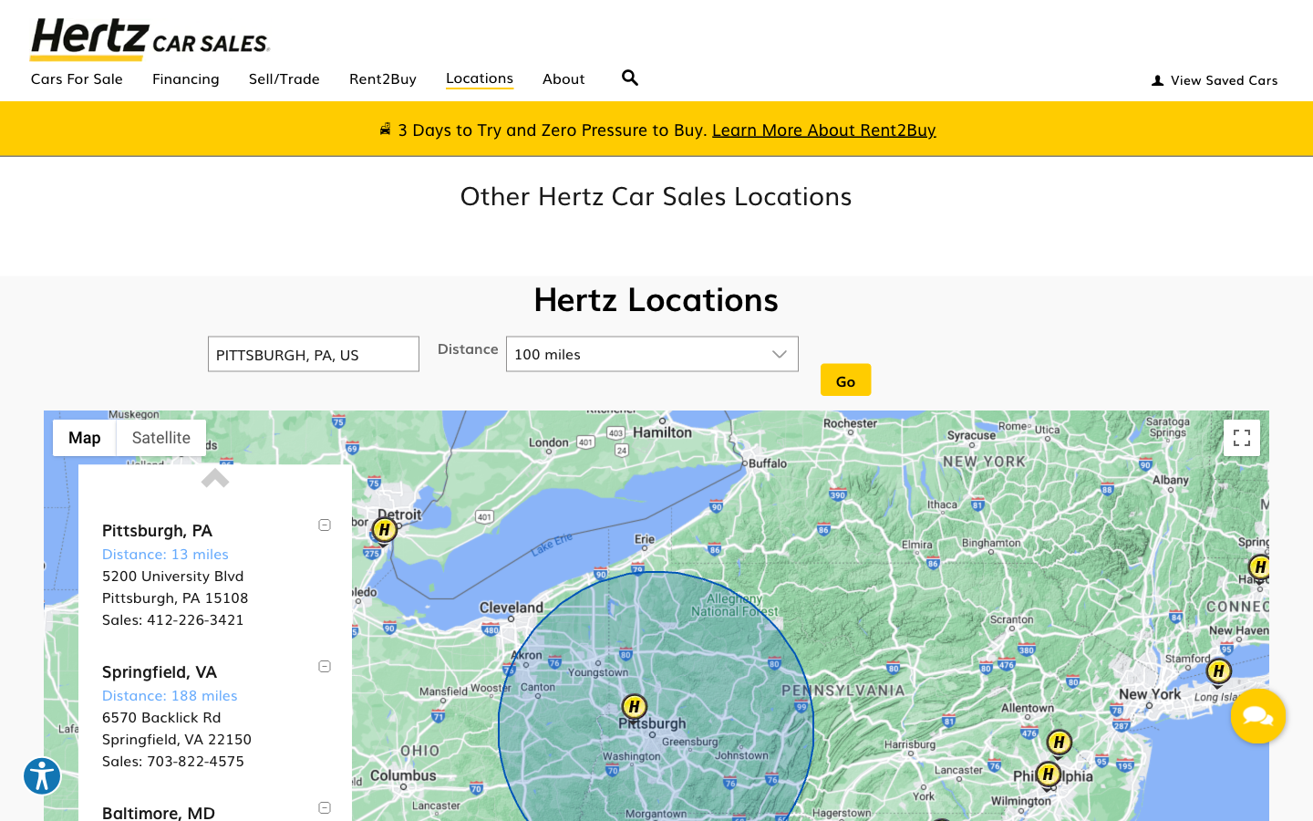 The image size is (1313, 821). I want to click on Explore more information on Springfield, VA, so click(158, 670).